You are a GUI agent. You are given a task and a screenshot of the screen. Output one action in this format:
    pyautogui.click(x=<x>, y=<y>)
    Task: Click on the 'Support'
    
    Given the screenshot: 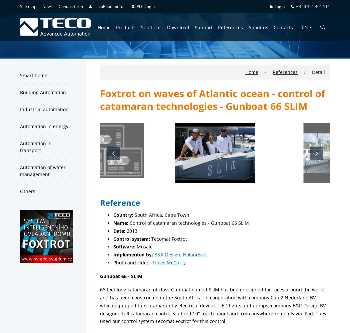 What is the action you would take?
    pyautogui.click(x=203, y=27)
    